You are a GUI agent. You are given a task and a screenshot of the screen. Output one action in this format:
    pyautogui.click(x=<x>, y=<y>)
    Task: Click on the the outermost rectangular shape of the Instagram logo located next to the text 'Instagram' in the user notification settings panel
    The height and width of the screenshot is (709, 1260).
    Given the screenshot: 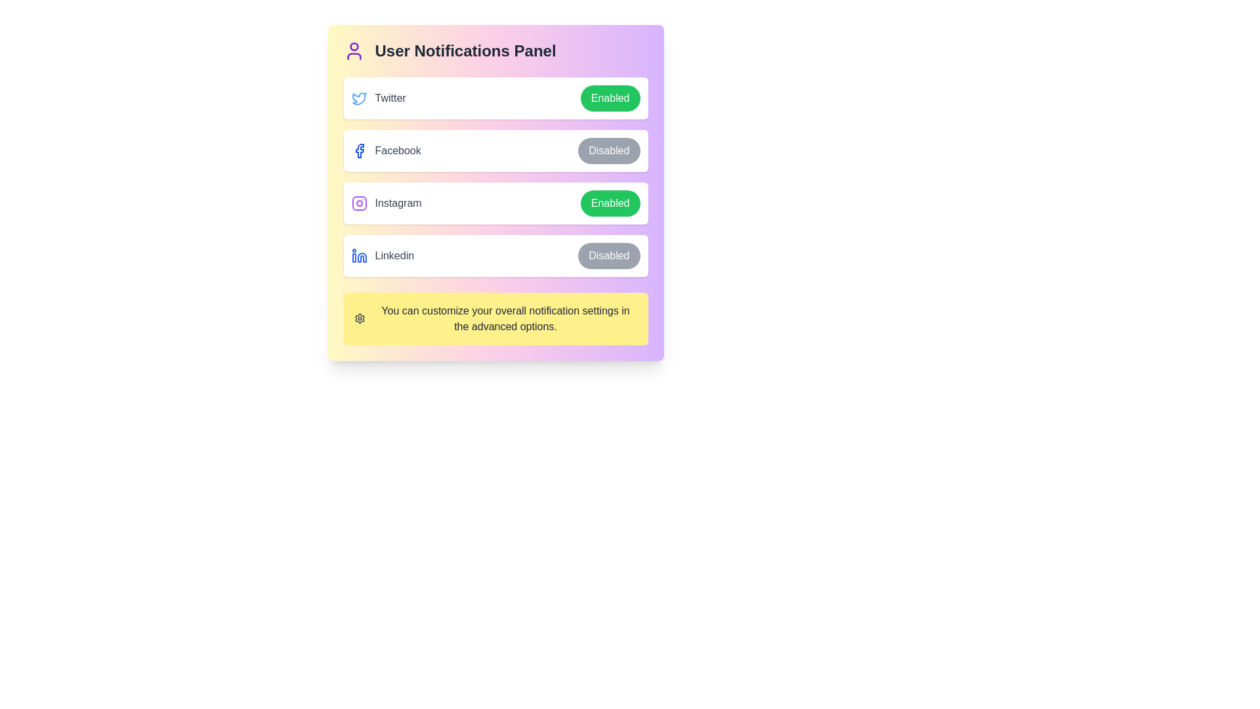 What is the action you would take?
    pyautogui.click(x=359, y=203)
    